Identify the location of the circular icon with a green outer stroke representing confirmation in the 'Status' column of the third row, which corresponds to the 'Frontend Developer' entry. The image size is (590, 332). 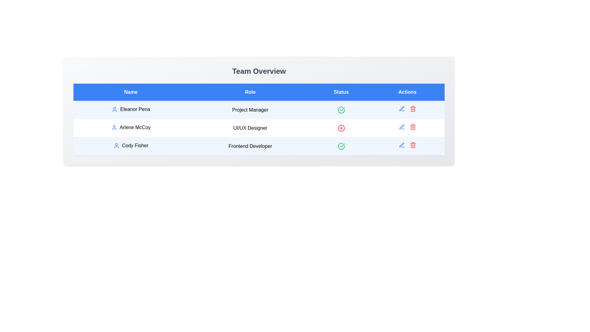
(341, 109).